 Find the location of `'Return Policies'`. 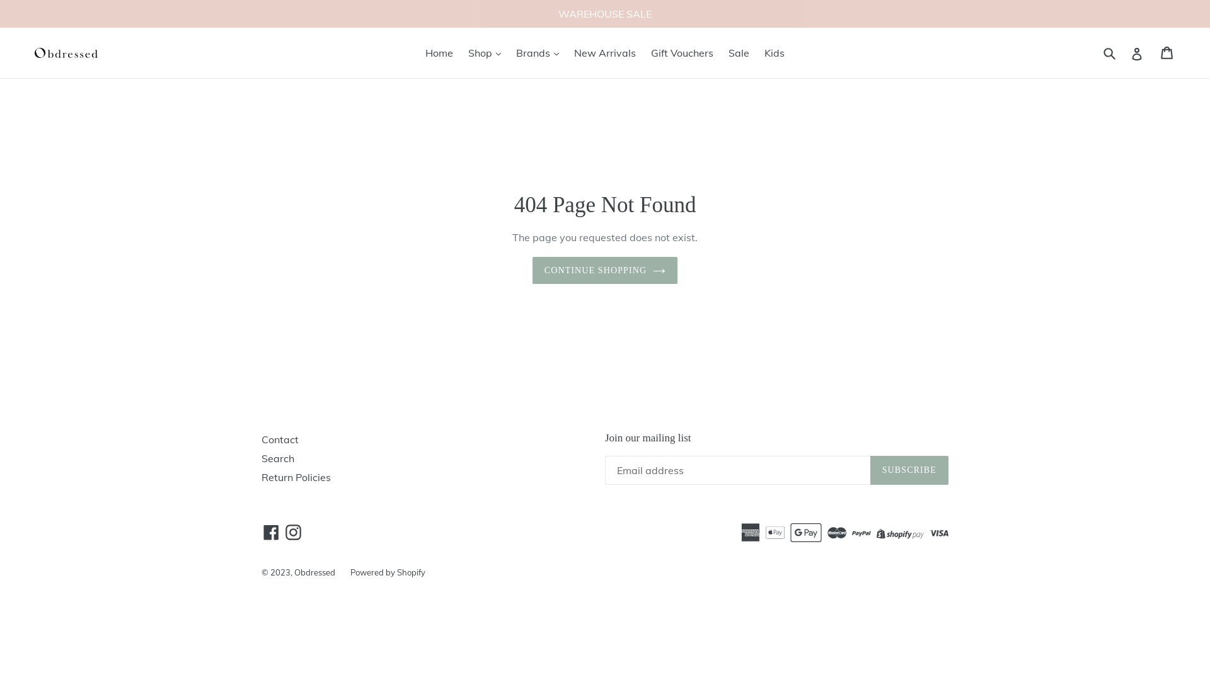

'Return Policies' is located at coordinates (296, 477).